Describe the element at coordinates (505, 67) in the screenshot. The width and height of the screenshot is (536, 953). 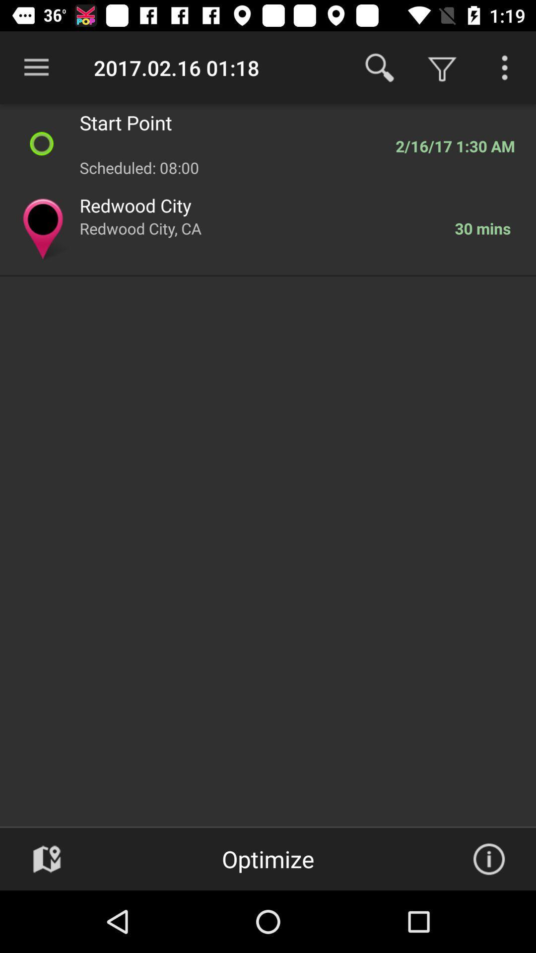
I see `other options` at that location.